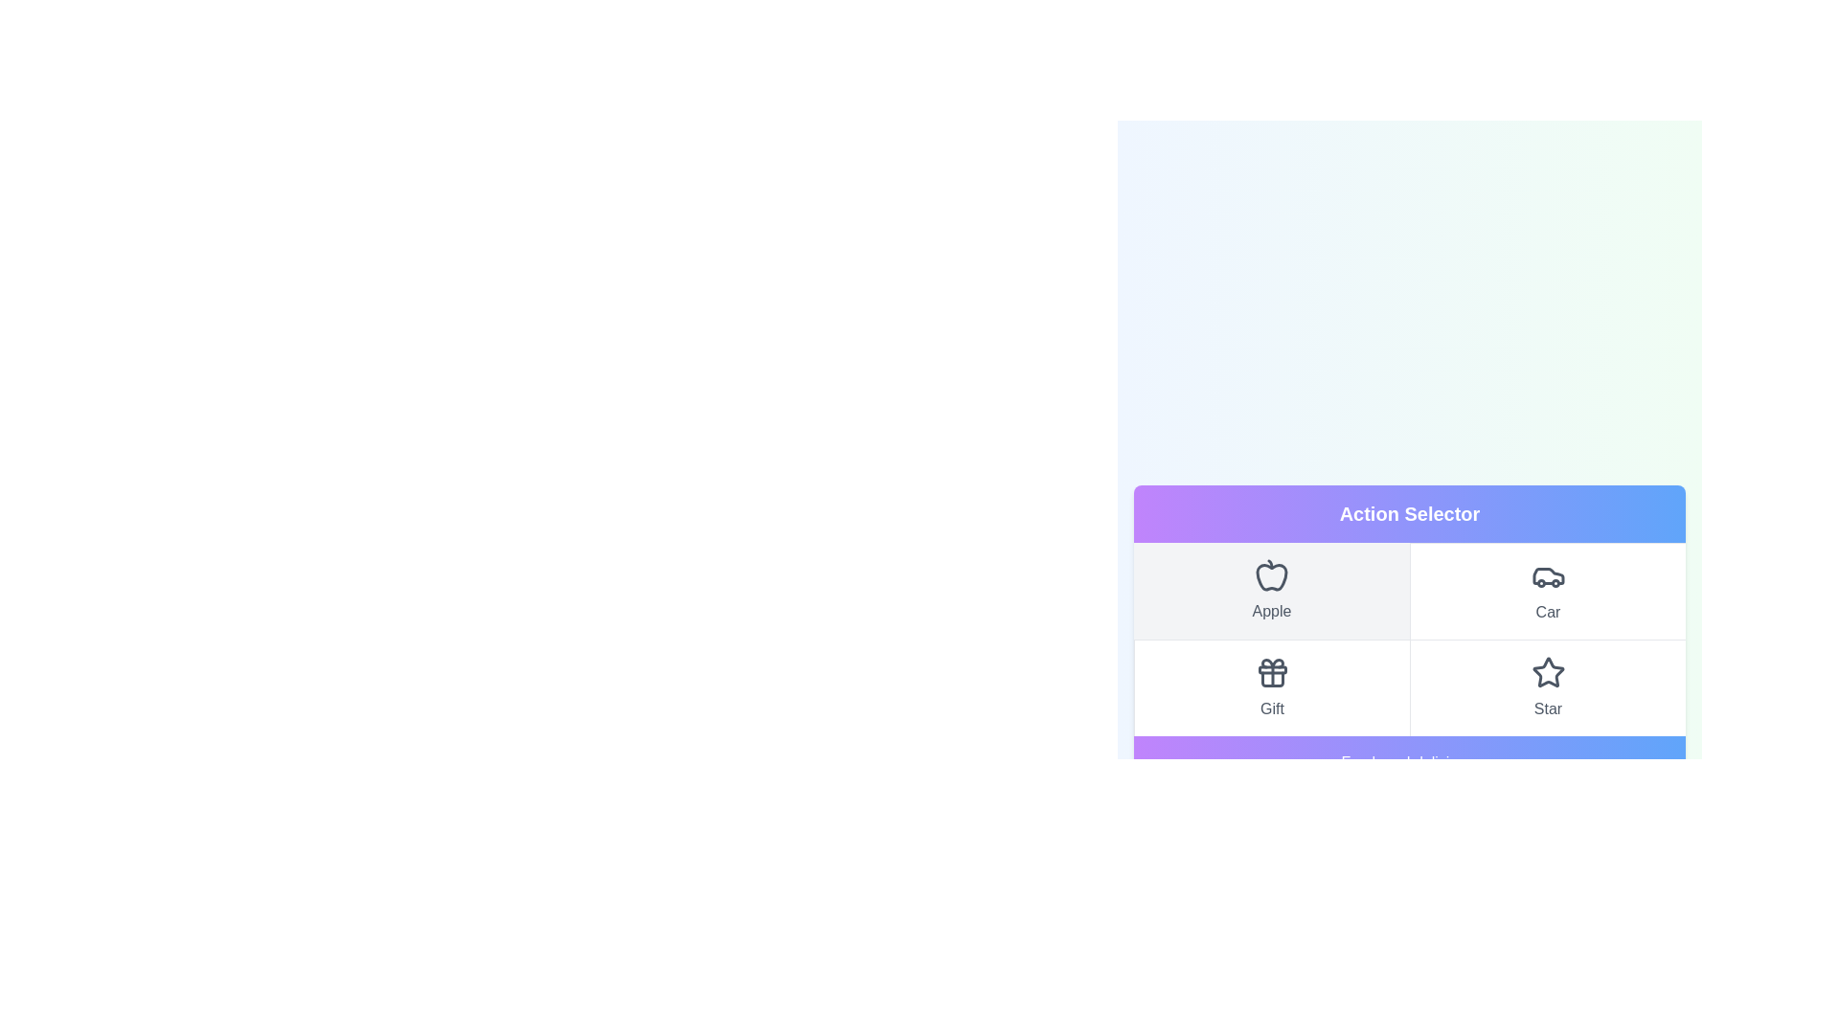 This screenshot has height=1034, width=1839. What do you see at coordinates (1272, 708) in the screenshot?
I see `the 'Gift' text label located below the gift icon in the Action Selector section` at bounding box center [1272, 708].